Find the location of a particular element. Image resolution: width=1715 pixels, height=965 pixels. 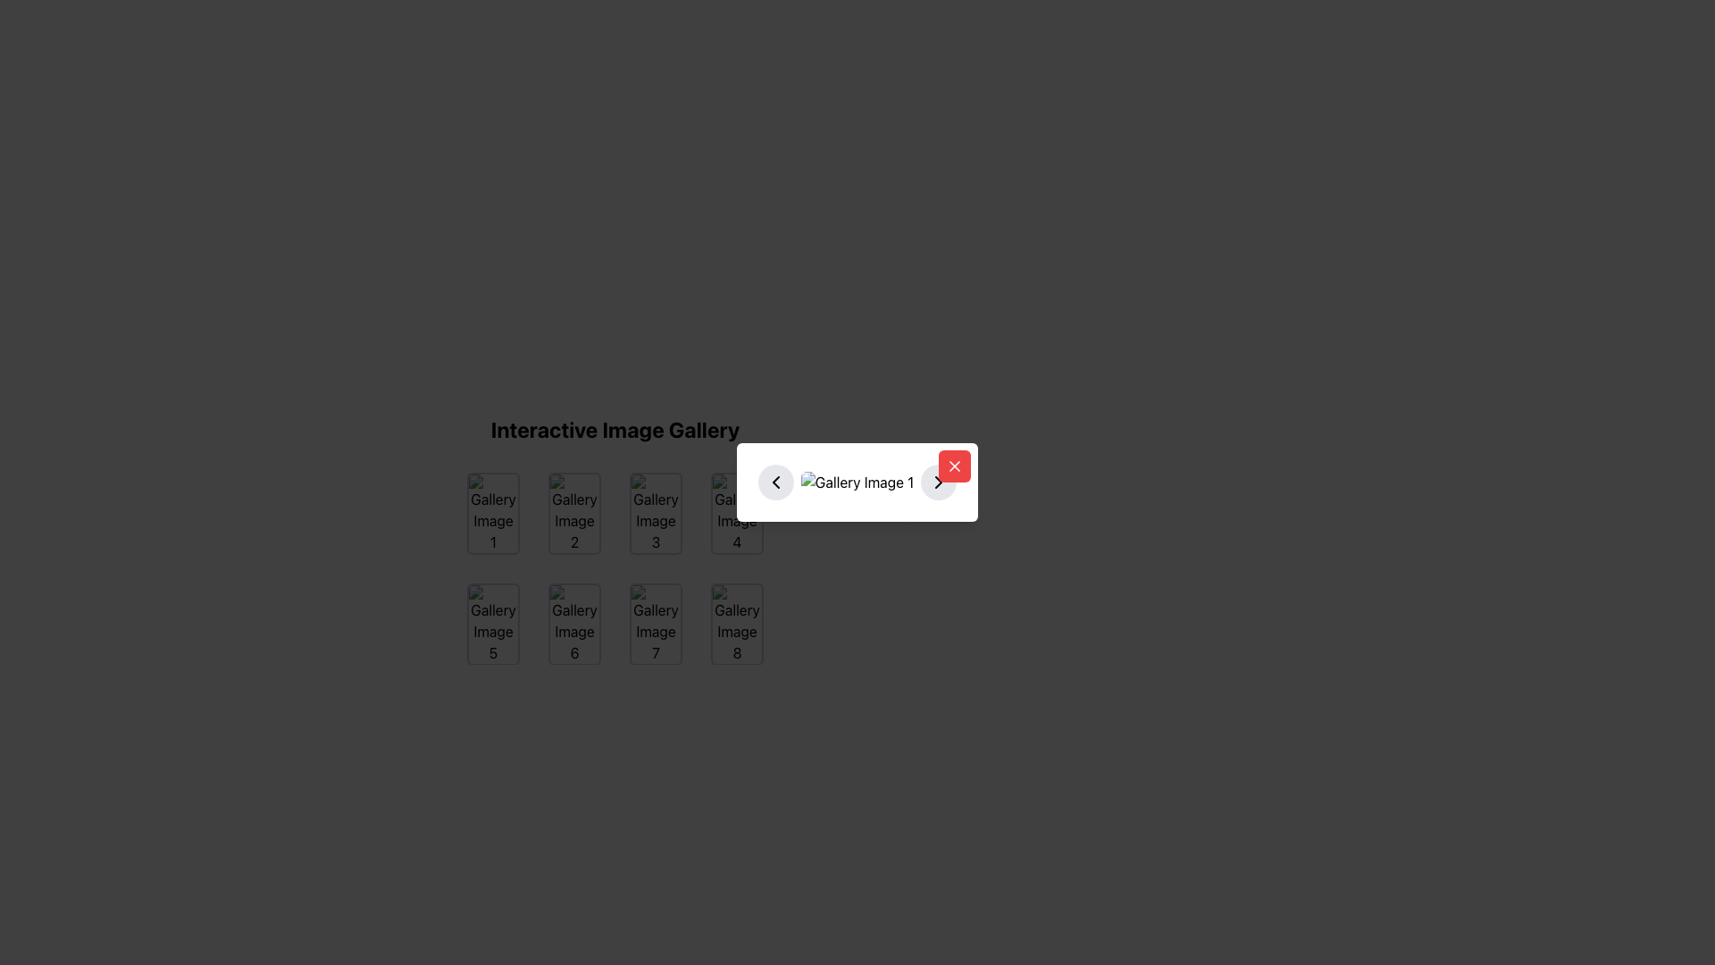

the 'Gallery Image 3' card is located at coordinates (655, 513).